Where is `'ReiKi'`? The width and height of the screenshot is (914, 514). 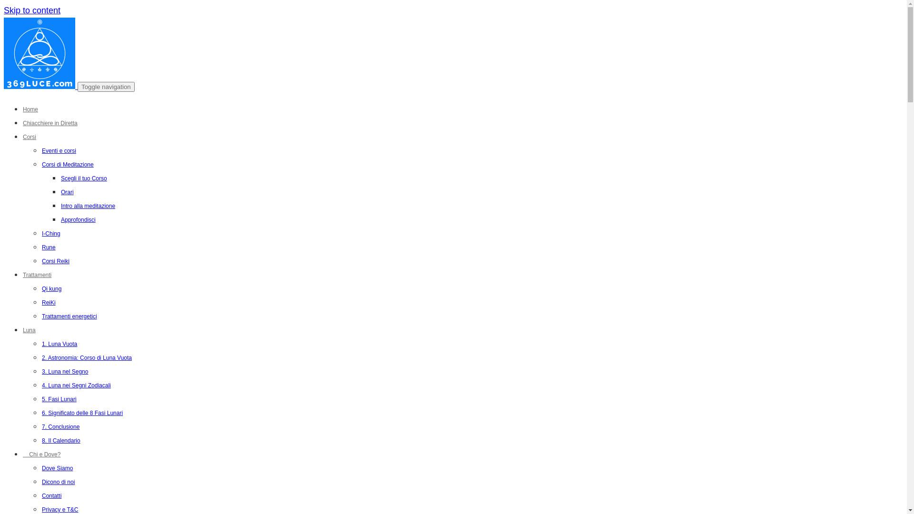 'ReiKi' is located at coordinates (48, 303).